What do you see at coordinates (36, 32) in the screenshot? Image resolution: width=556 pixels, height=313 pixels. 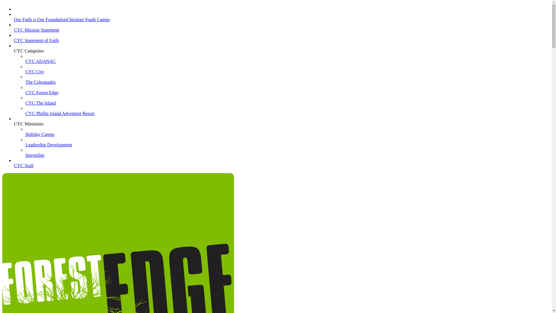 I see `'CYC Mission Statement'` at bounding box center [36, 32].